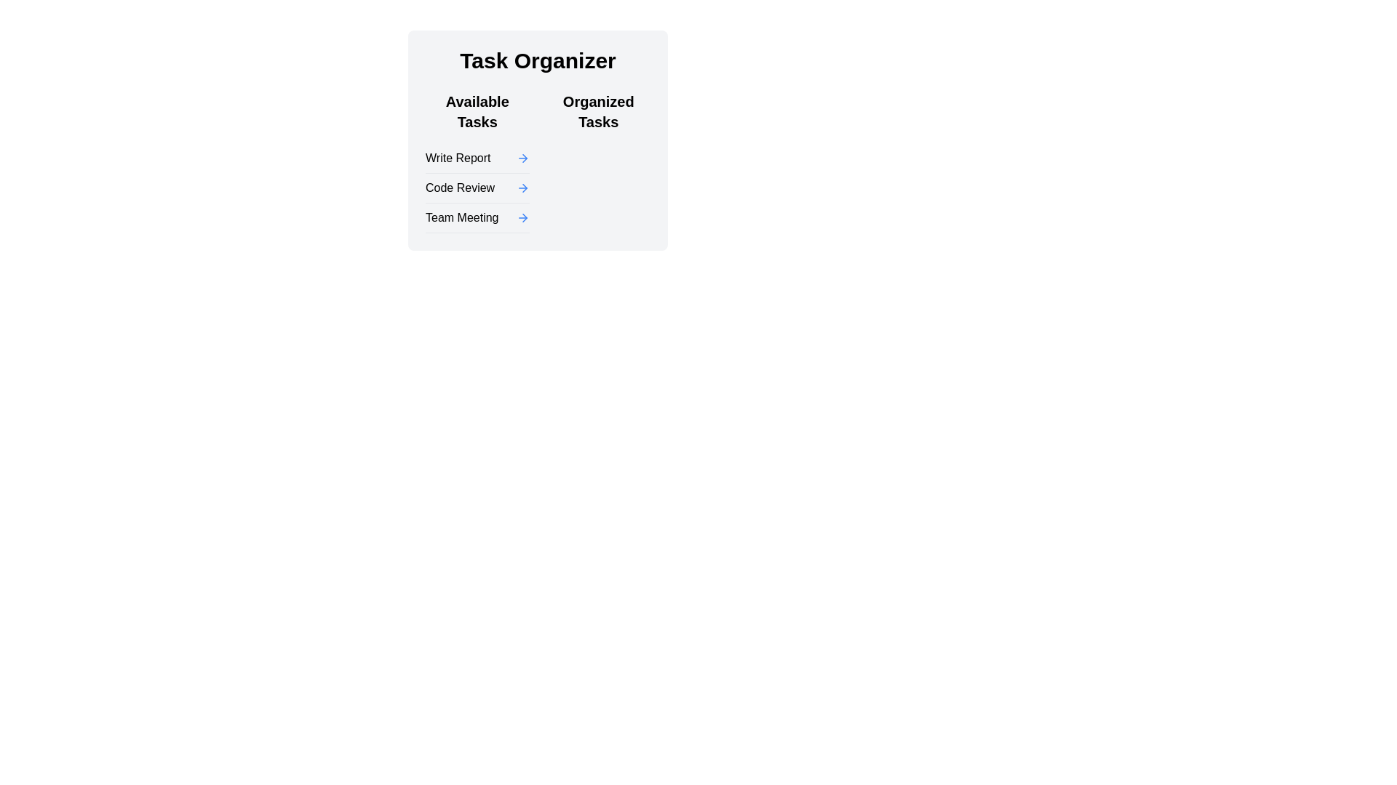 Image resolution: width=1397 pixels, height=785 pixels. What do you see at coordinates (477, 188) in the screenshot?
I see `the second row of the 'Available Tasks' list in the 'Task Organizer' interface, which is labeled 'Code Review' and has a blue arrow icon on the right` at bounding box center [477, 188].